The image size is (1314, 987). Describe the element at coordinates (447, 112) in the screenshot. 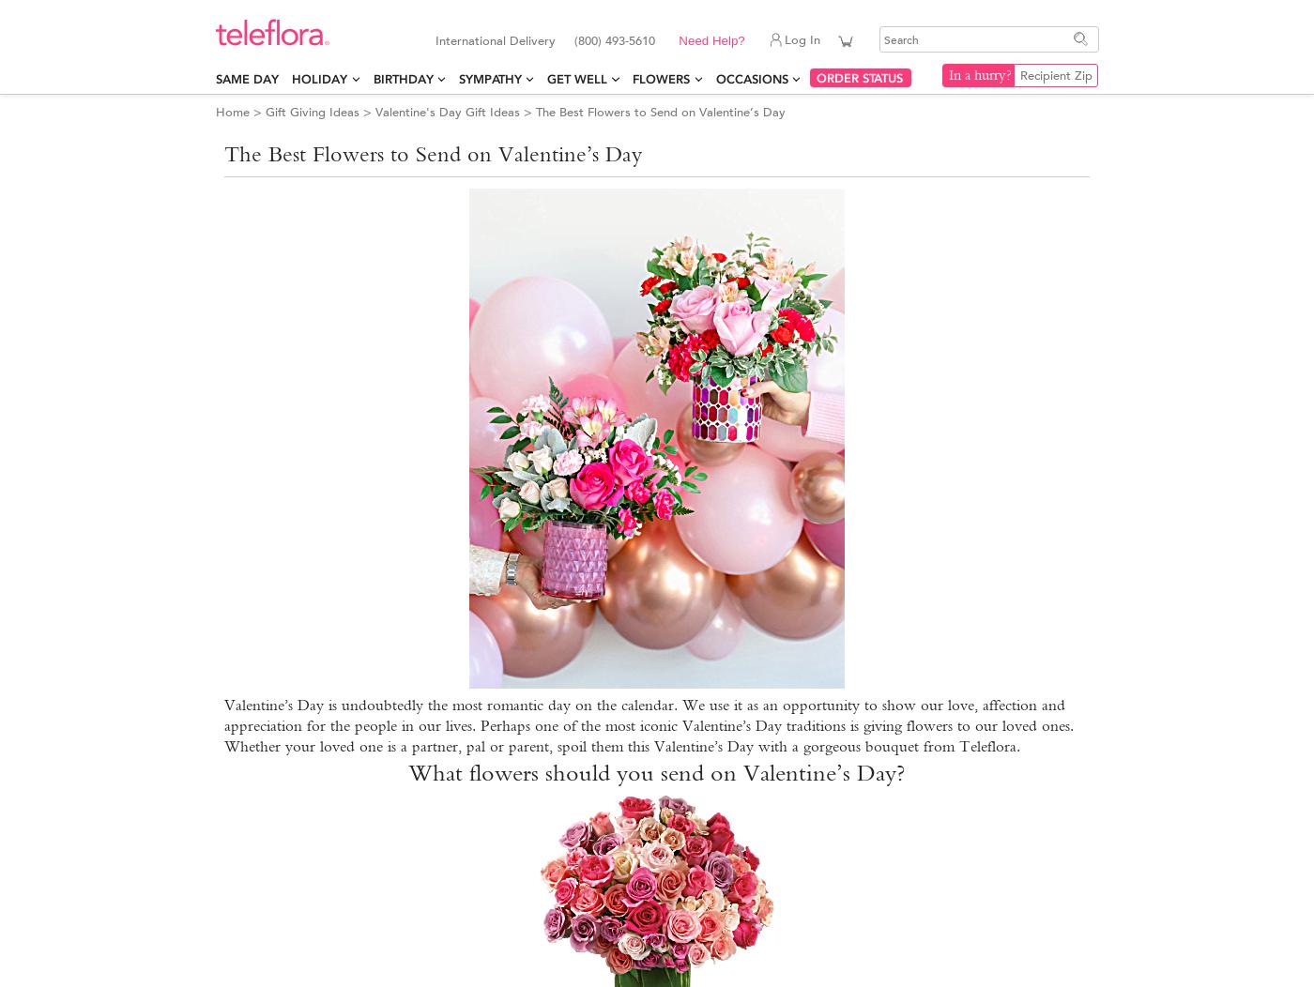

I see `'Valentine's Day Gift Ideas'` at that location.